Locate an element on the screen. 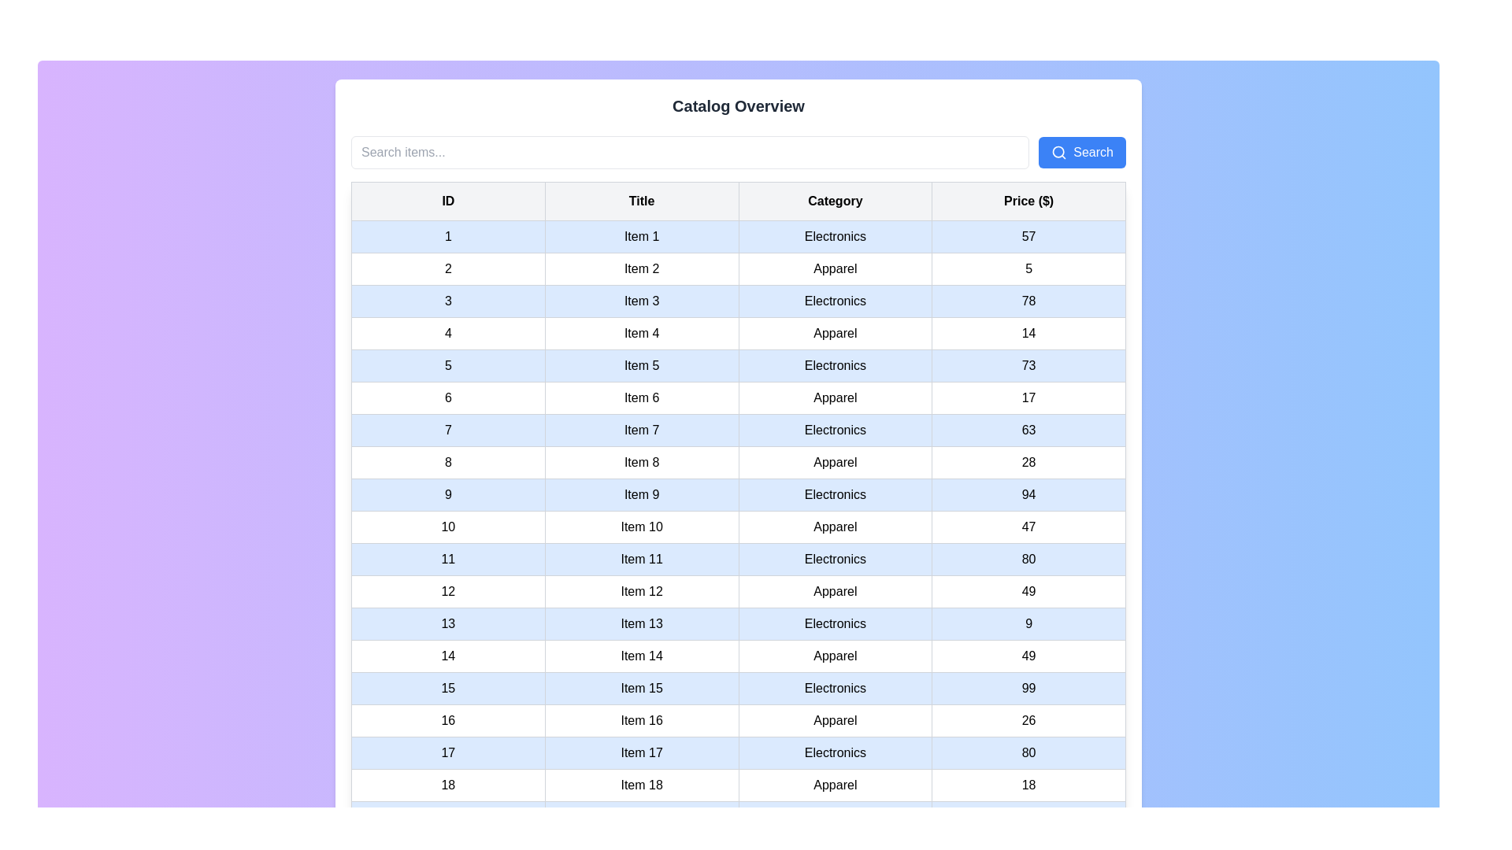  the text label displaying 'Item 18' located in the 18th row under the 'Title' column of the table is located at coordinates (642, 785).